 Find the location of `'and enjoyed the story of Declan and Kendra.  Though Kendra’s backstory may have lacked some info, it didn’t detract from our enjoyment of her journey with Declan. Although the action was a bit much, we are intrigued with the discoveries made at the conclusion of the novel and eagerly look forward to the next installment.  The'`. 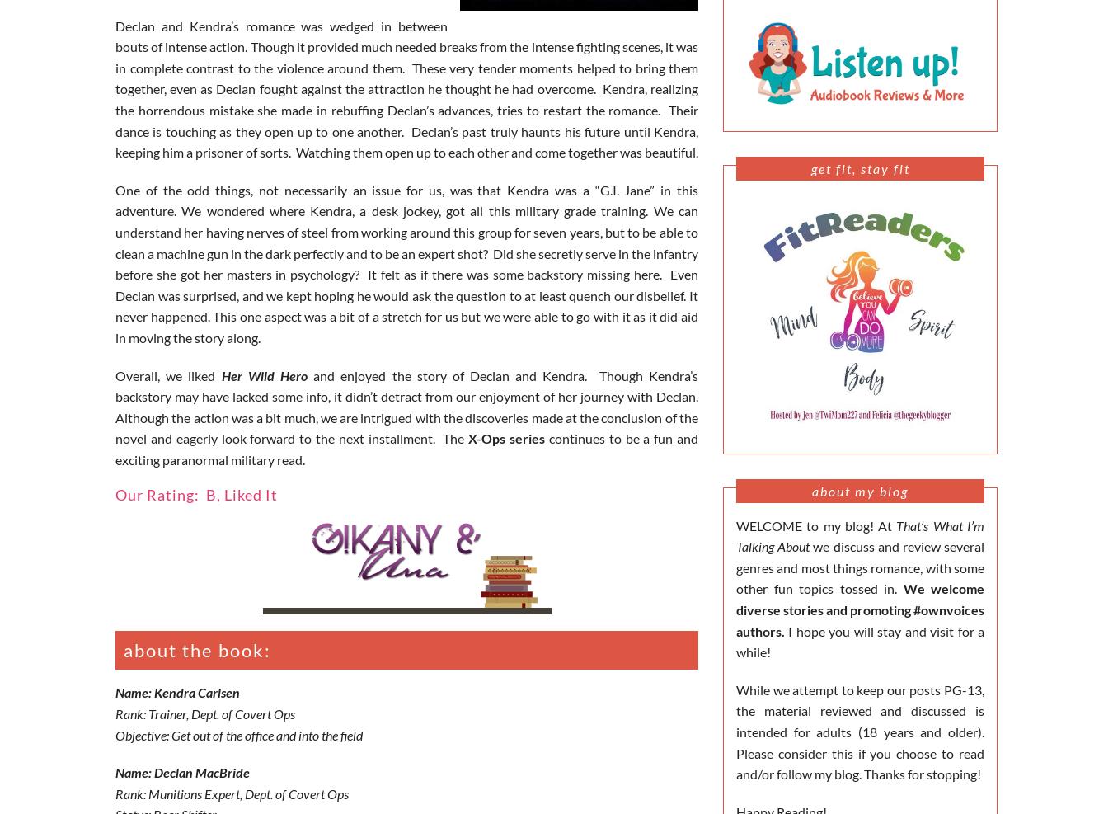

'and enjoyed the story of Declan and Kendra.  Though Kendra’s backstory may have lacked some info, it didn’t detract from our enjoyment of her journey with Declan. Although the action was a bit much, we are intrigued with the discoveries made at the conclusion of the novel and eagerly look forward to the next installment.  The' is located at coordinates (406, 406).